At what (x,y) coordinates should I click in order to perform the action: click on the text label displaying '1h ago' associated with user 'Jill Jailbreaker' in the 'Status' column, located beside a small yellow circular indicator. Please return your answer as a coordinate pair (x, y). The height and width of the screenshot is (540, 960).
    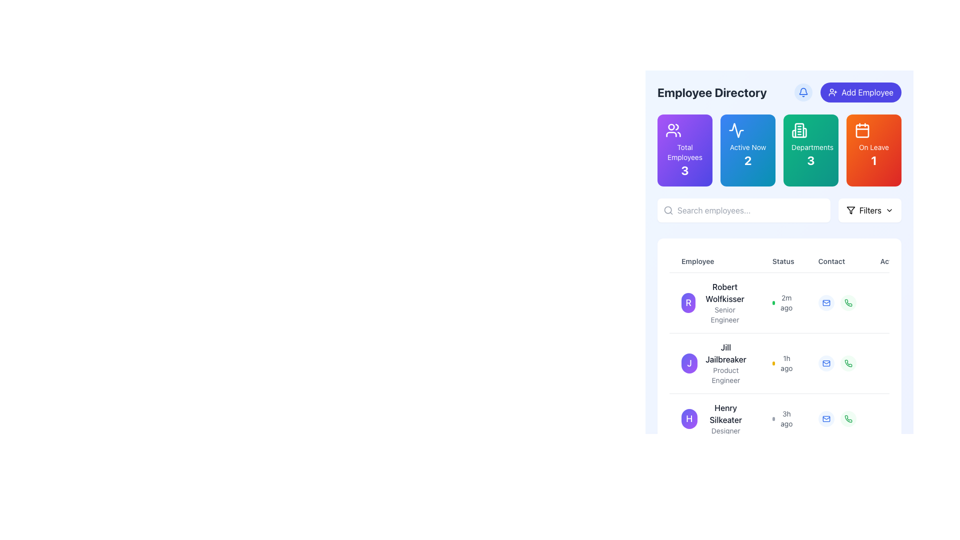
    Looking at the image, I should click on (786, 363).